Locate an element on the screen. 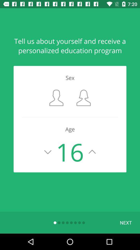  the gender is located at coordinates (56, 97).